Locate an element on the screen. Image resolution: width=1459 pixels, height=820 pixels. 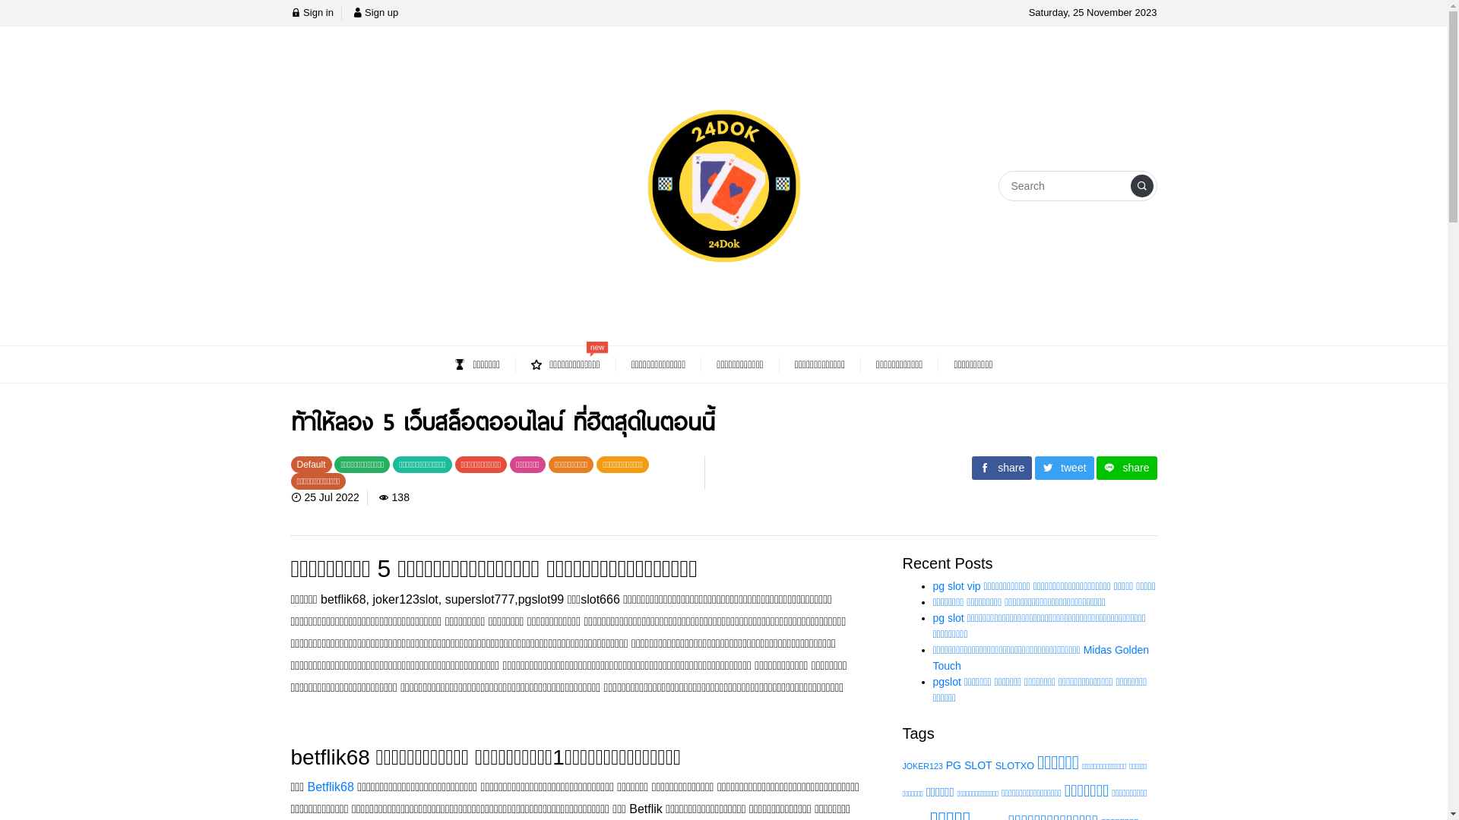
'Betflik68' is located at coordinates (329, 786).